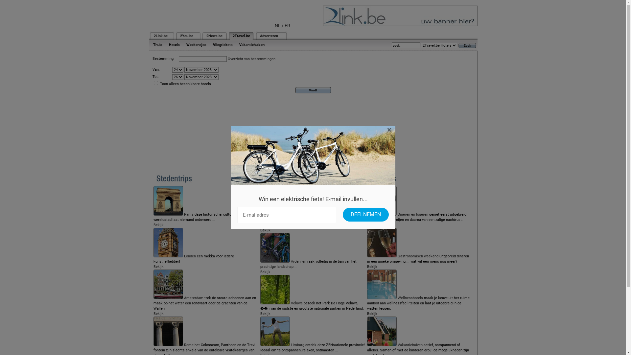 This screenshot has height=355, width=631. I want to click on 'Bekijk', so click(265, 272).